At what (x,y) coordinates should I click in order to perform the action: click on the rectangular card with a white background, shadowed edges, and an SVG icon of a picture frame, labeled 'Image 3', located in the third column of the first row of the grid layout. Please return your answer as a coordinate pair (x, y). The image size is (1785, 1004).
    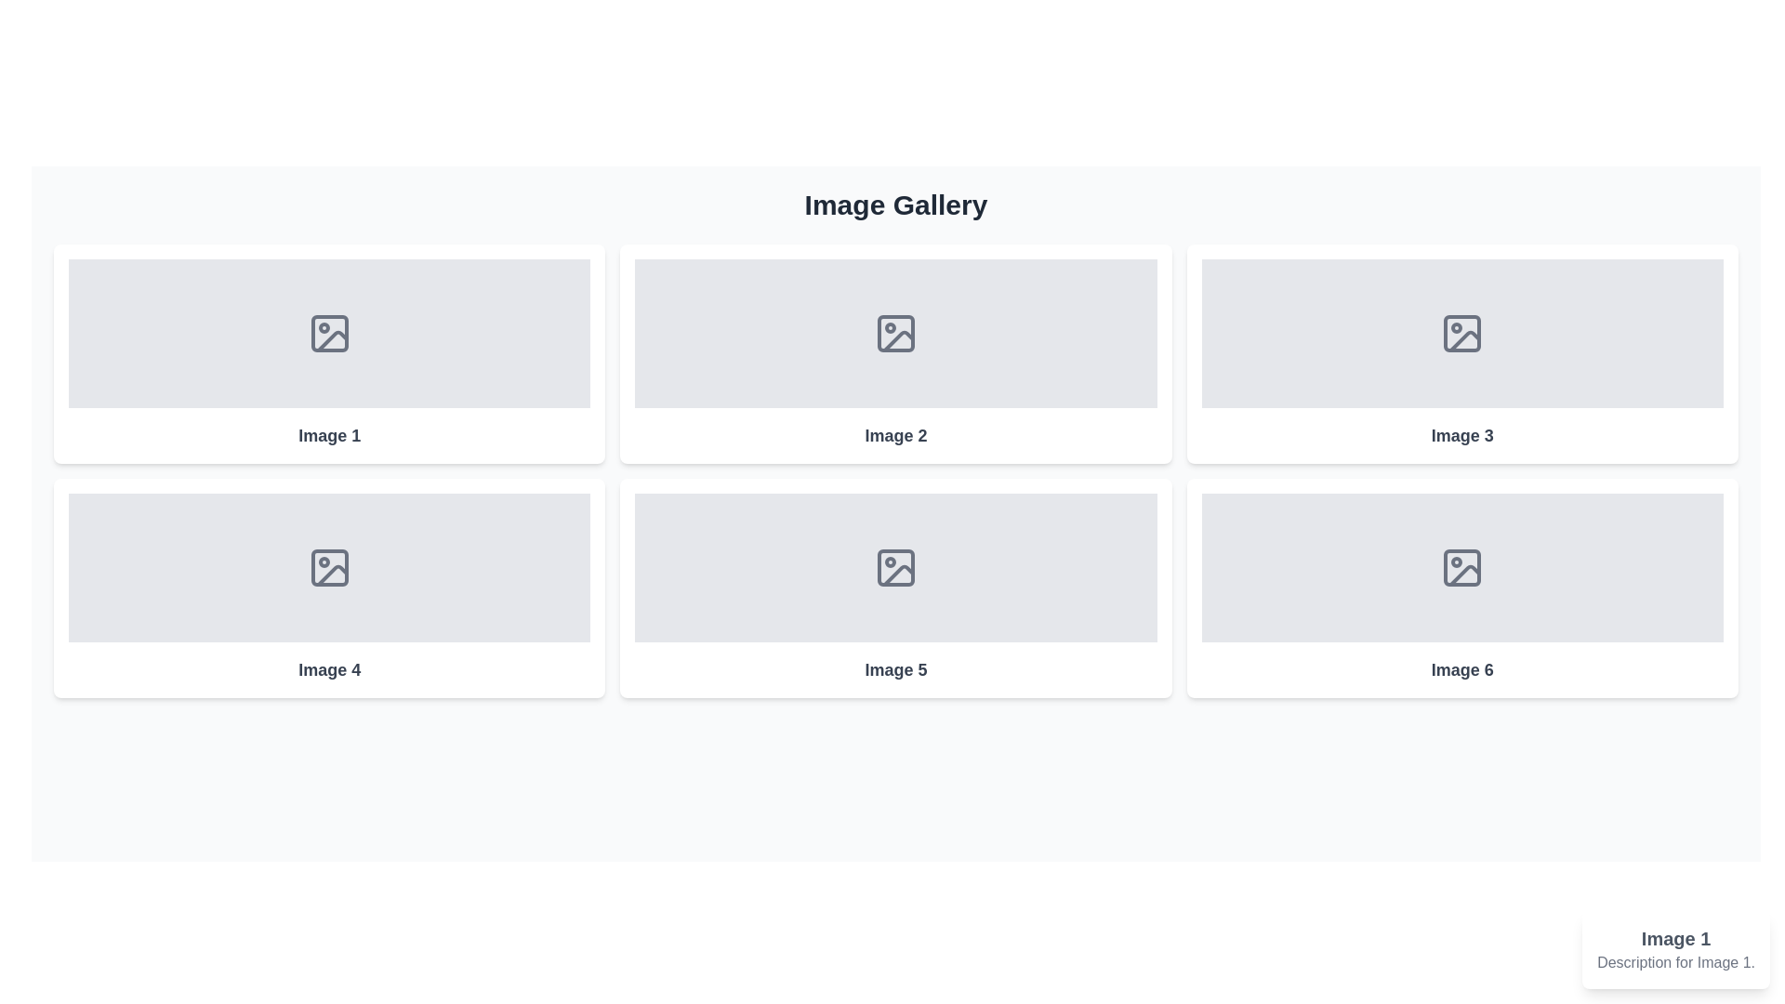
    Looking at the image, I should click on (1461, 354).